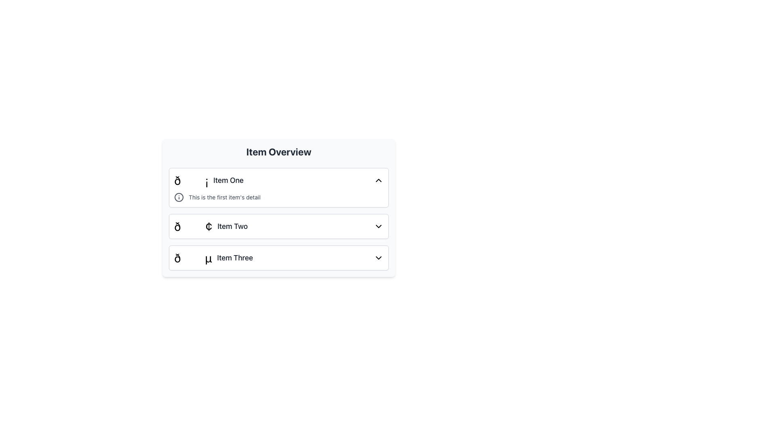  I want to click on text of the heading element that serves as a title for the section above the list of items within the panel, so click(279, 151).